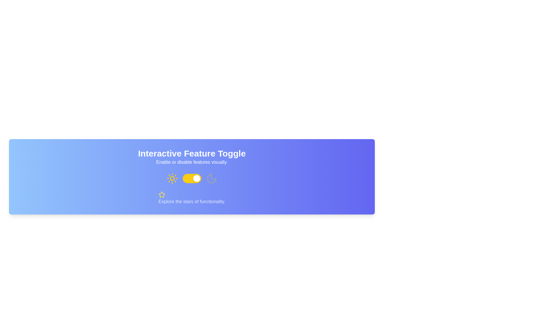 Image resolution: width=557 pixels, height=313 pixels. What do you see at coordinates (162, 194) in the screenshot?
I see `the star-shaped icon with a yellow outline located on the blue gradient background, positioned below the toggle switch, to interact or trigger a response` at bounding box center [162, 194].